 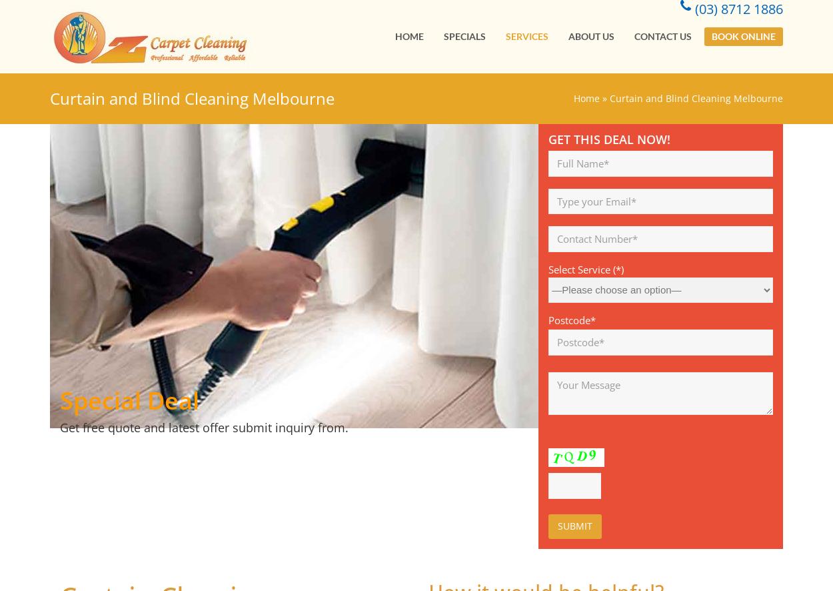 I want to click on 'Select Service (*)', so click(x=586, y=269).